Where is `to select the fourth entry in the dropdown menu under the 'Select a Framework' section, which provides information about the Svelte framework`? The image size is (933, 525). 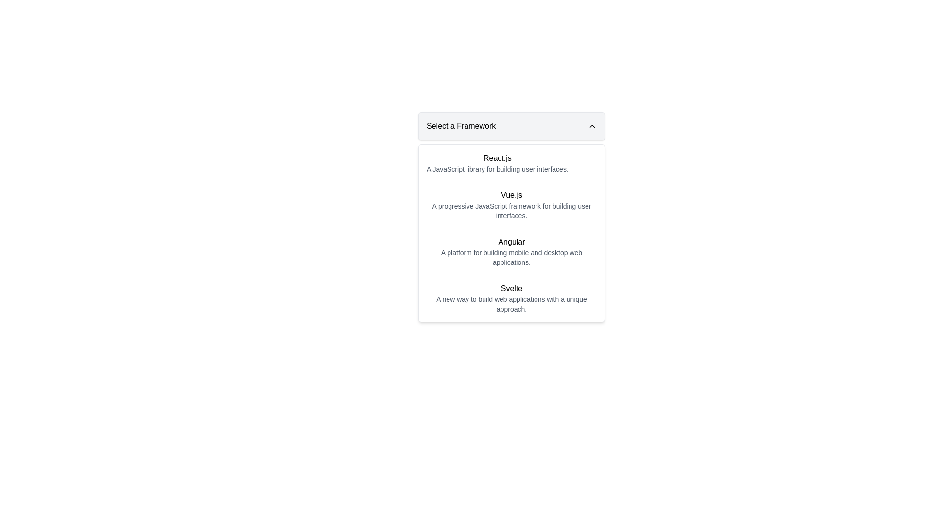 to select the fourth entry in the dropdown menu under the 'Select a Framework' section, which provides information about the Svelte framework is located at coordinates (511, 297).